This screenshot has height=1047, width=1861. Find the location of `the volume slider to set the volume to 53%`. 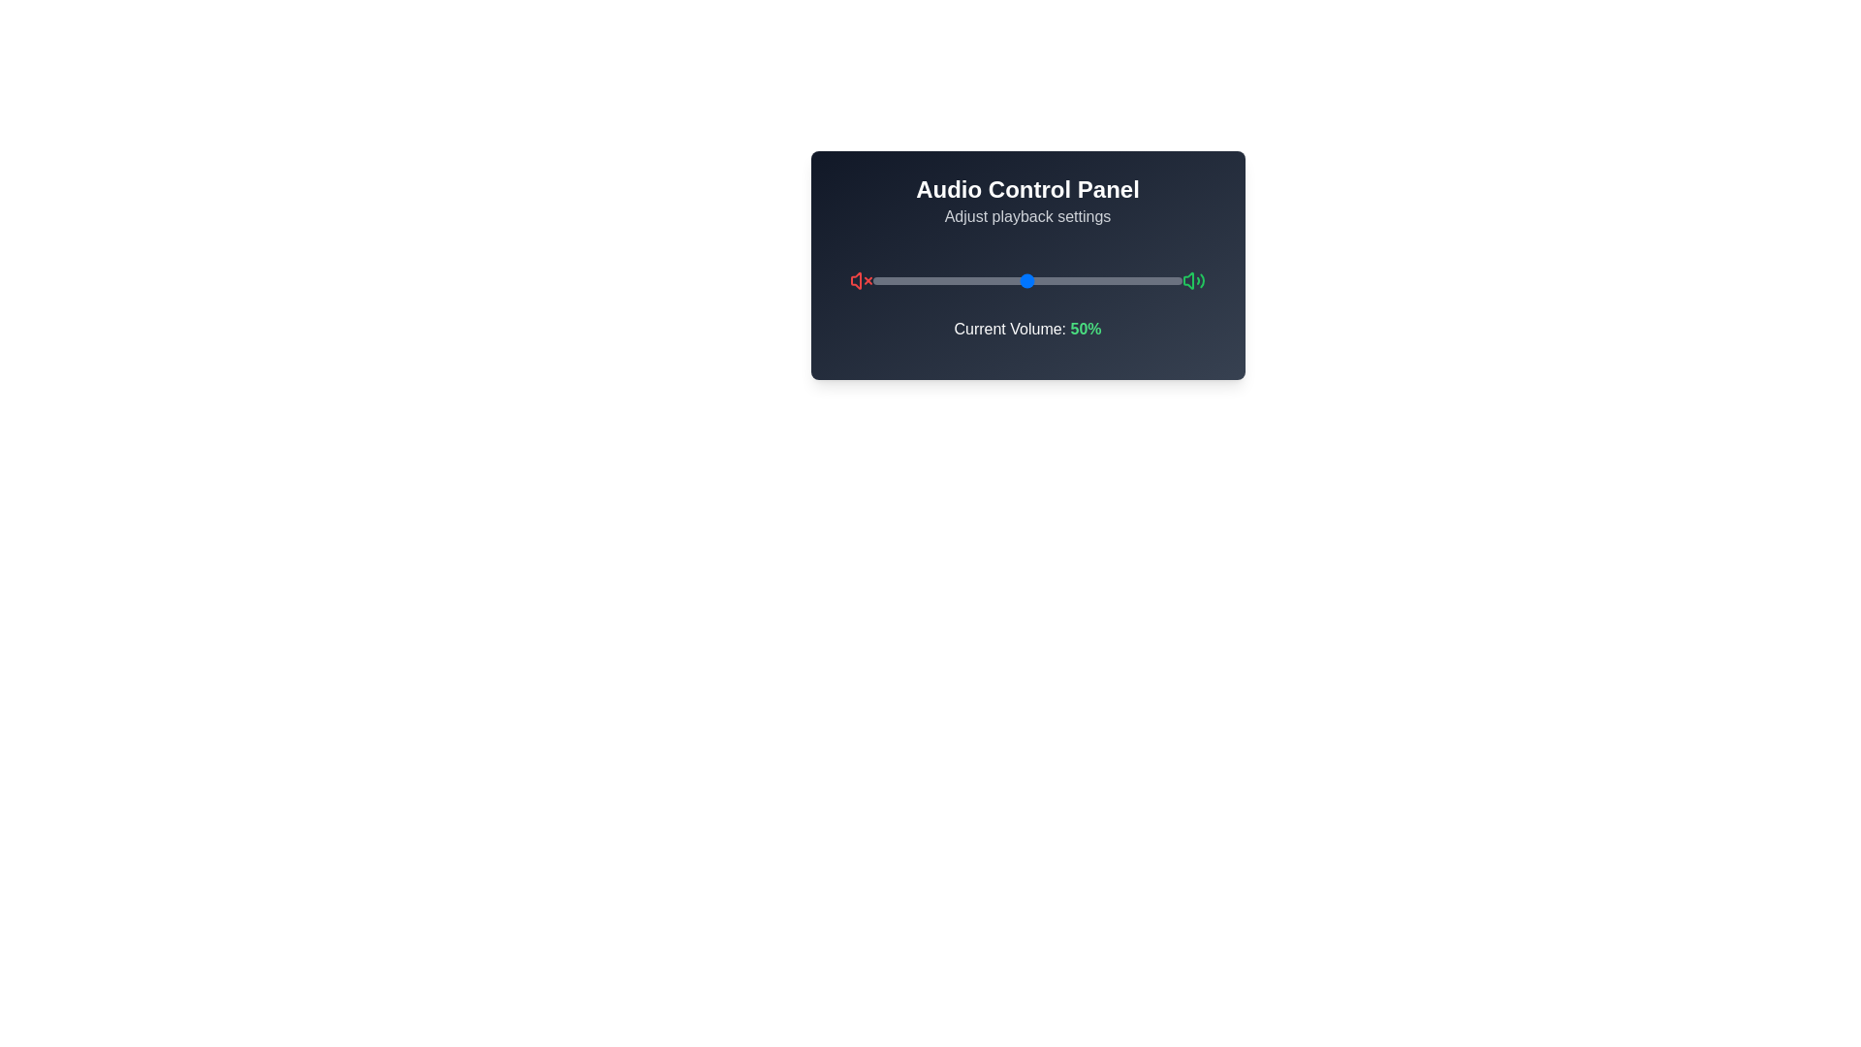

the volume slider to set the volume to 53% is located at coordinates (1036, 280).